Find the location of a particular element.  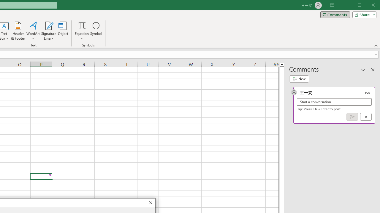

'Equation' is located at coordinates (81, 25).